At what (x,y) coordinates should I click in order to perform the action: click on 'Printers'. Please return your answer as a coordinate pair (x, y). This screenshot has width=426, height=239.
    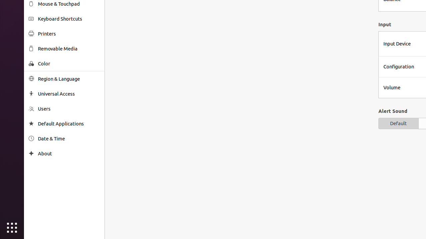
    Looking at the image, I should click on (69, 34).